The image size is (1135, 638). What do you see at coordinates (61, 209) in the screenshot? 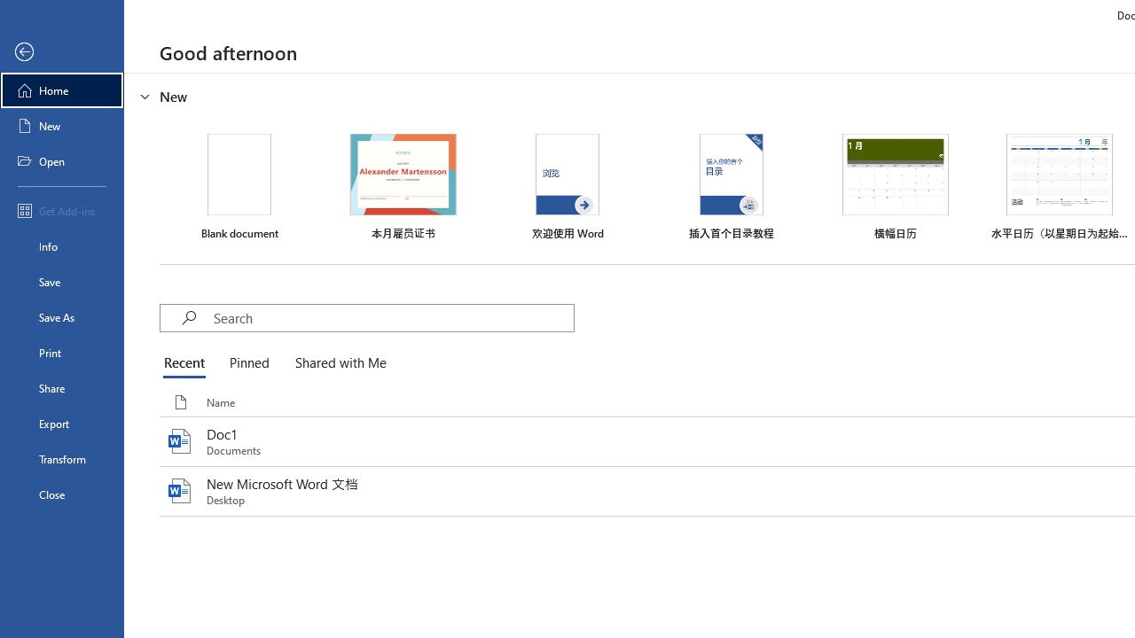
I see `'Get Add-ins'` at bounding box center [61, 209].